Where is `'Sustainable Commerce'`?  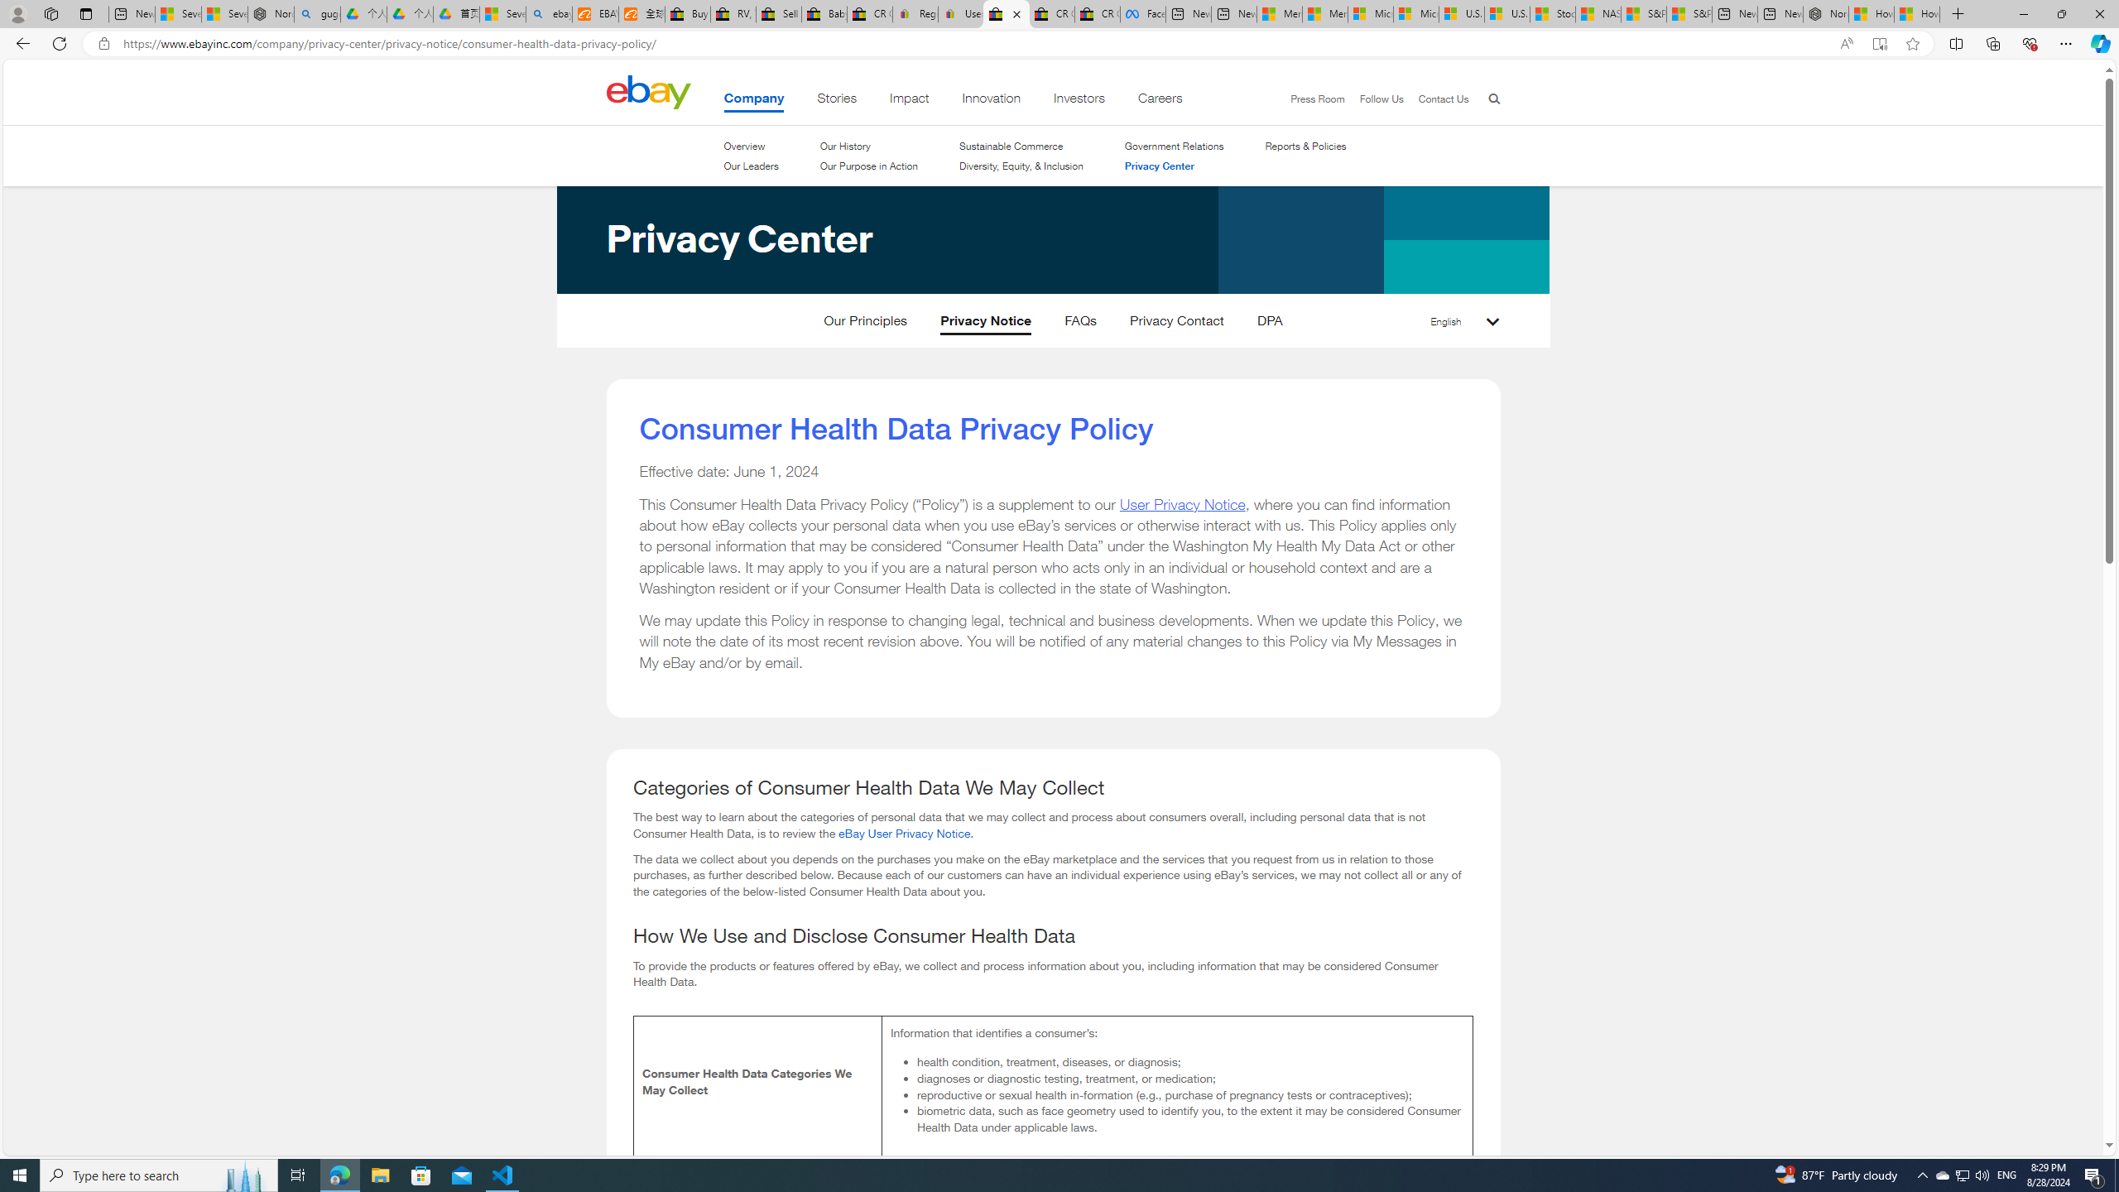 'Sustainable Commerce' is located at coordinates (1011, 146).